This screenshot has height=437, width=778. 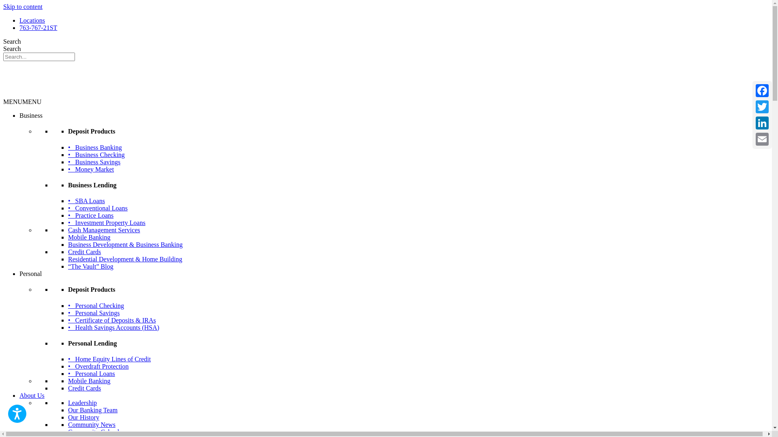 I want to click on 'Locations', so click(x=32, y=20).